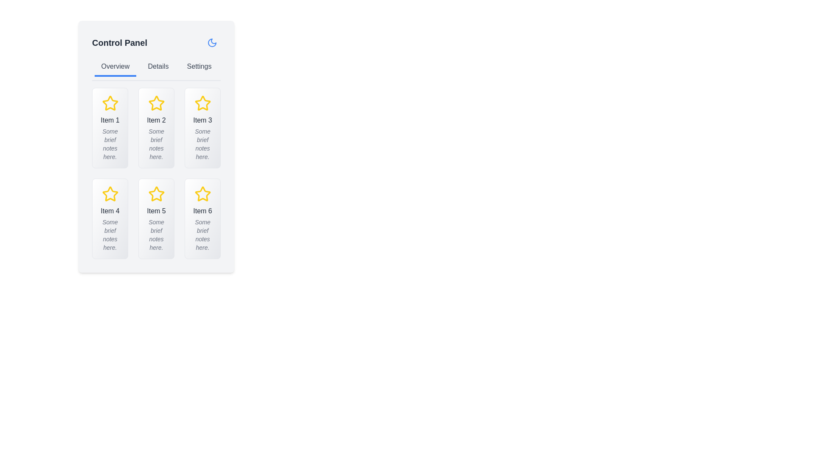 The image size is (815, 458). What do you see at coordinates (212, 42) in the screenshot?
I see `the moon-like Icon button located in the upper-right corner of the Control Panel section, which toggles light/dark mode` at bounding box center [212, 42].